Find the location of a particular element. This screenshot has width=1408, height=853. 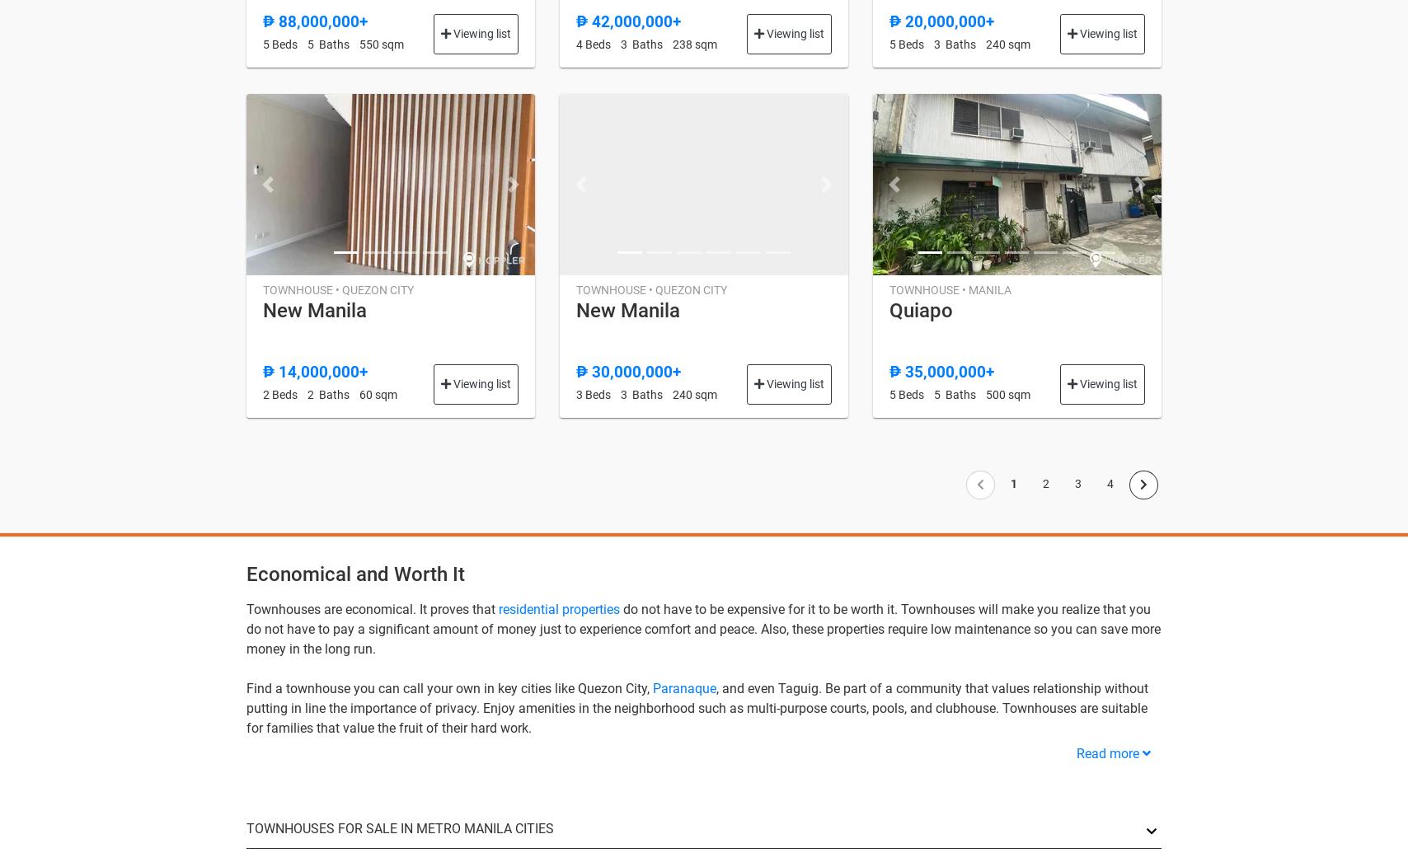

'Find a townhouse you can call your own in key cities like Quezon City,' is located at coordinates (449, 687).